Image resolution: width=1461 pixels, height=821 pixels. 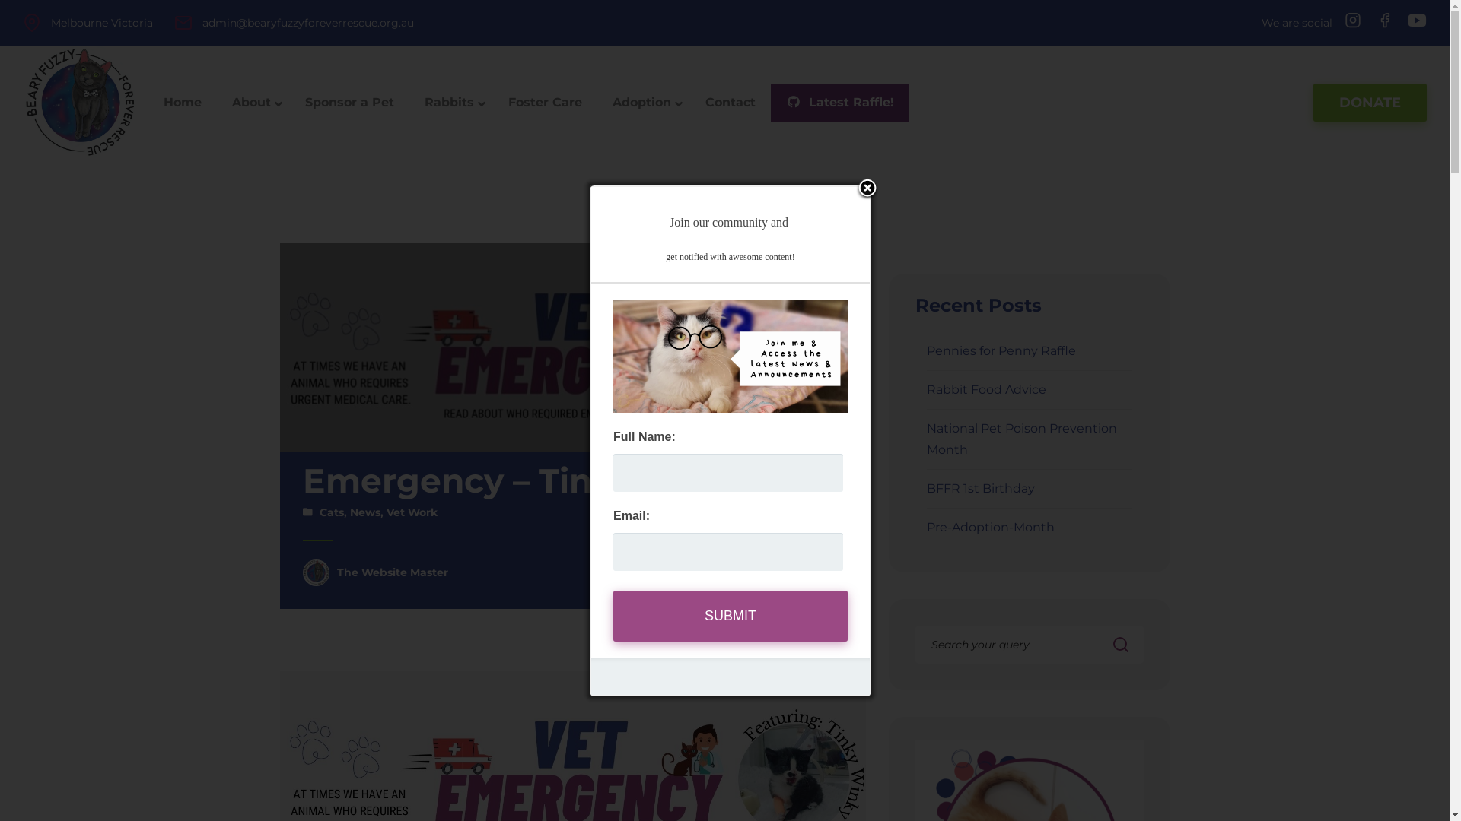 What do you see at coordinates (730, 616) in the screenshot?
I see `'Submit'` at bounding box center [730, 616].